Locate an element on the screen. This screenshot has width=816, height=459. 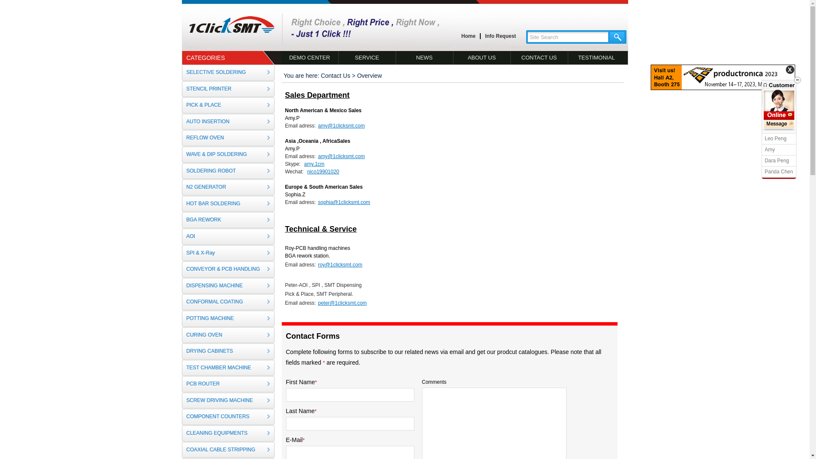
'AUTO INSERTION' is located at coordinates (228, 122).